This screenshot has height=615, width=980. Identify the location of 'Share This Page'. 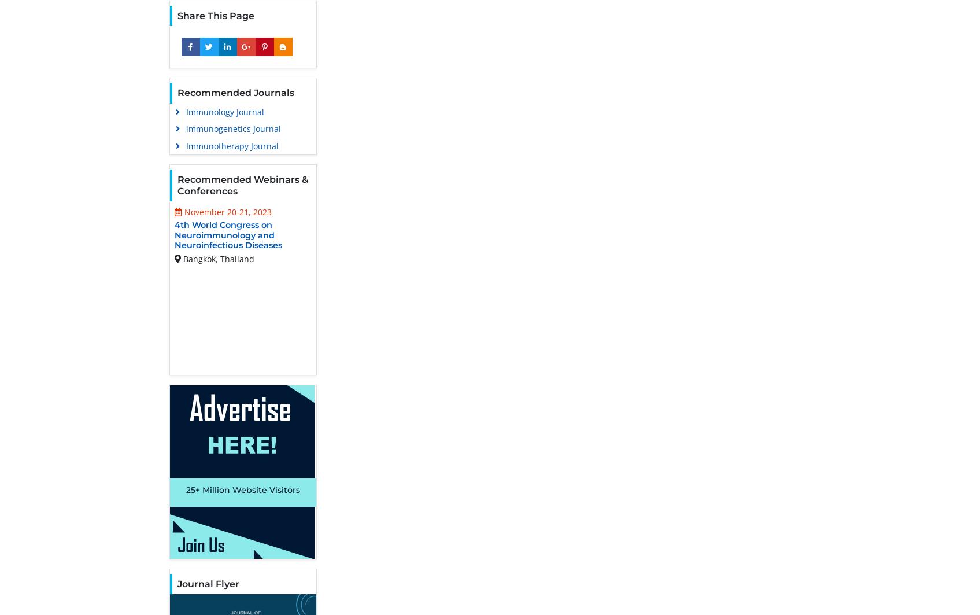
(215, 16).